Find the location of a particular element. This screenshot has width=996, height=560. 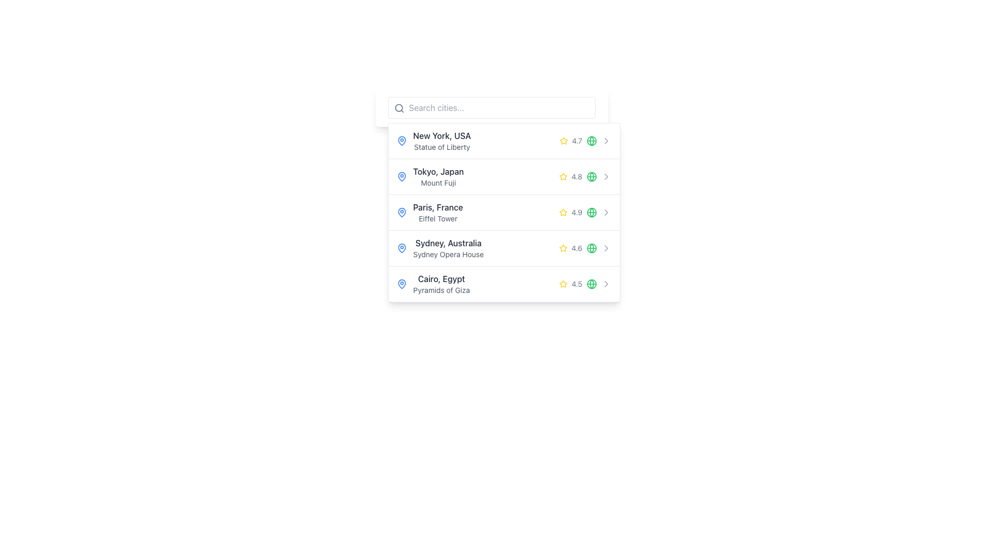

the yellow star-shaped icon representing a rating feature located next to the 'New York, USA' entry to interact with it is located at coordinates (563, 284).